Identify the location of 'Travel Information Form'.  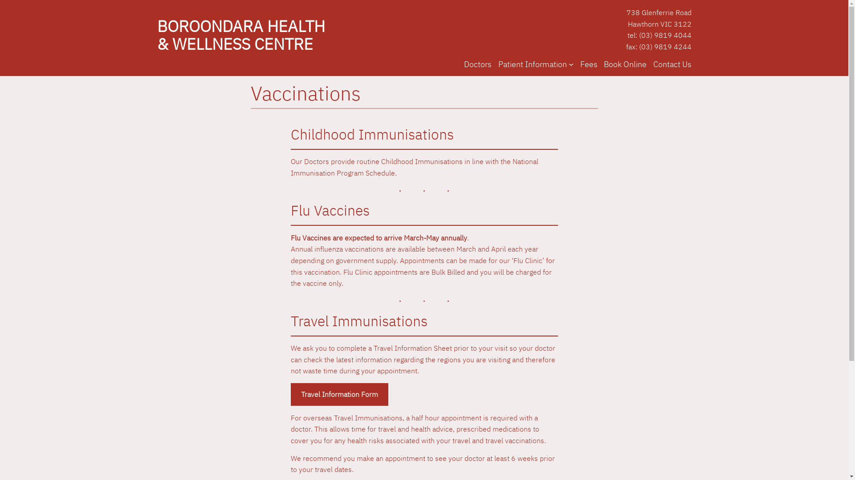
(339, 394).